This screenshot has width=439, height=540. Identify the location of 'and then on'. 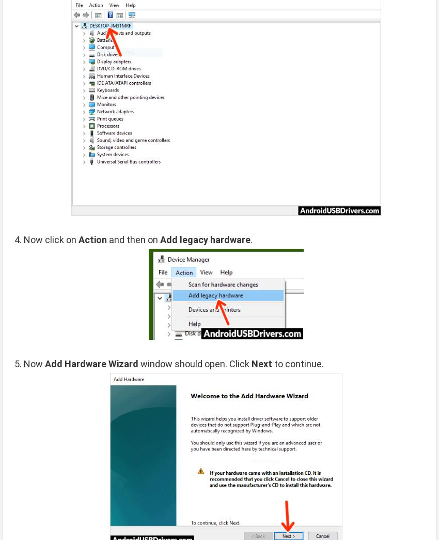
(133, 239).